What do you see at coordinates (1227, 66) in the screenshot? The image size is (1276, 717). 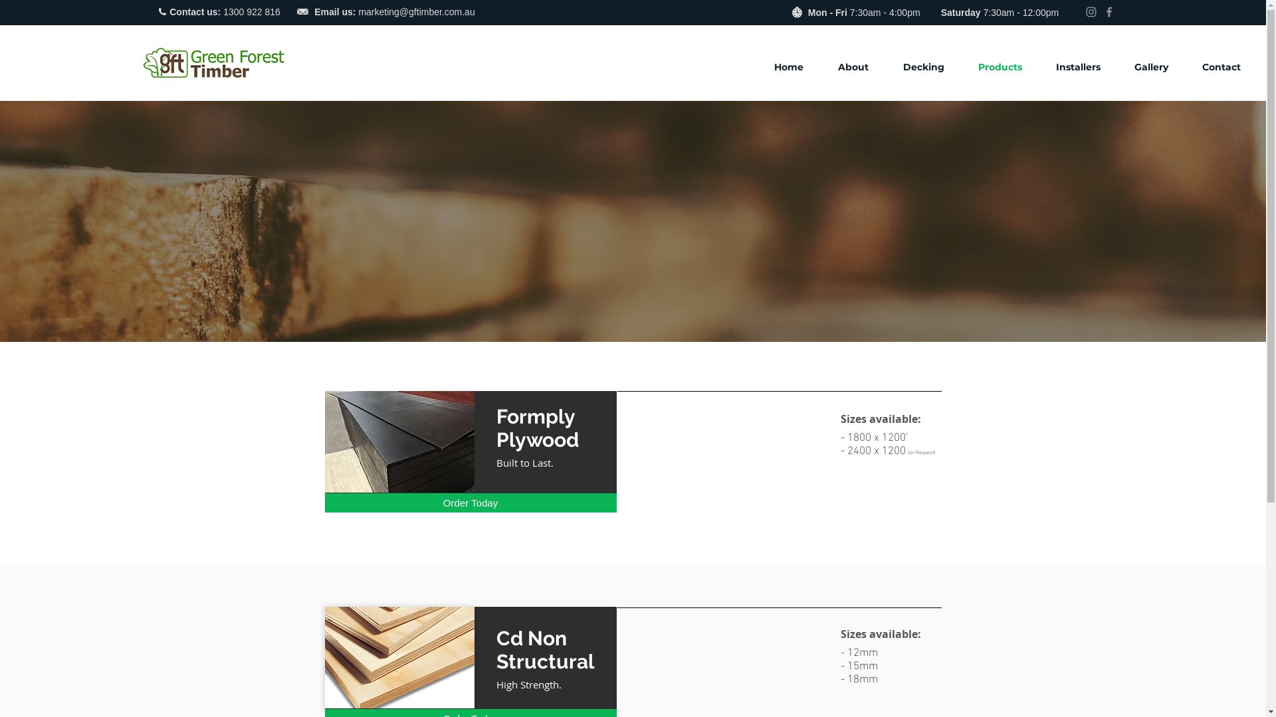 I see `'Contact'` at bounding box center [1227, 66].